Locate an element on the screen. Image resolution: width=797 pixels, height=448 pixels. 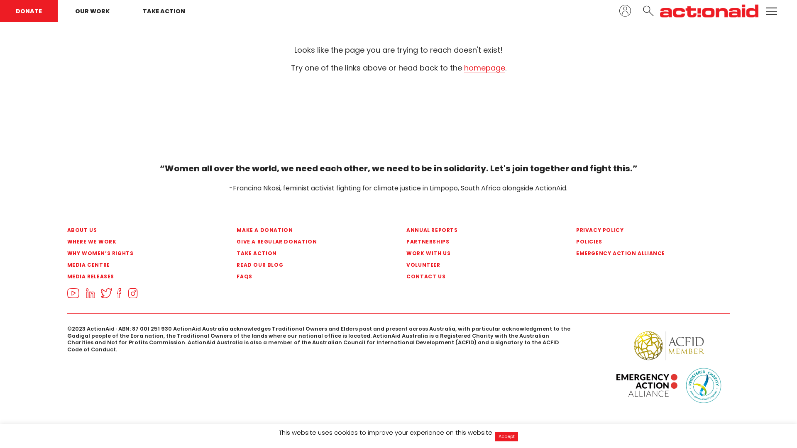
'WORK WITH US' is located at coordinates (406, 253).